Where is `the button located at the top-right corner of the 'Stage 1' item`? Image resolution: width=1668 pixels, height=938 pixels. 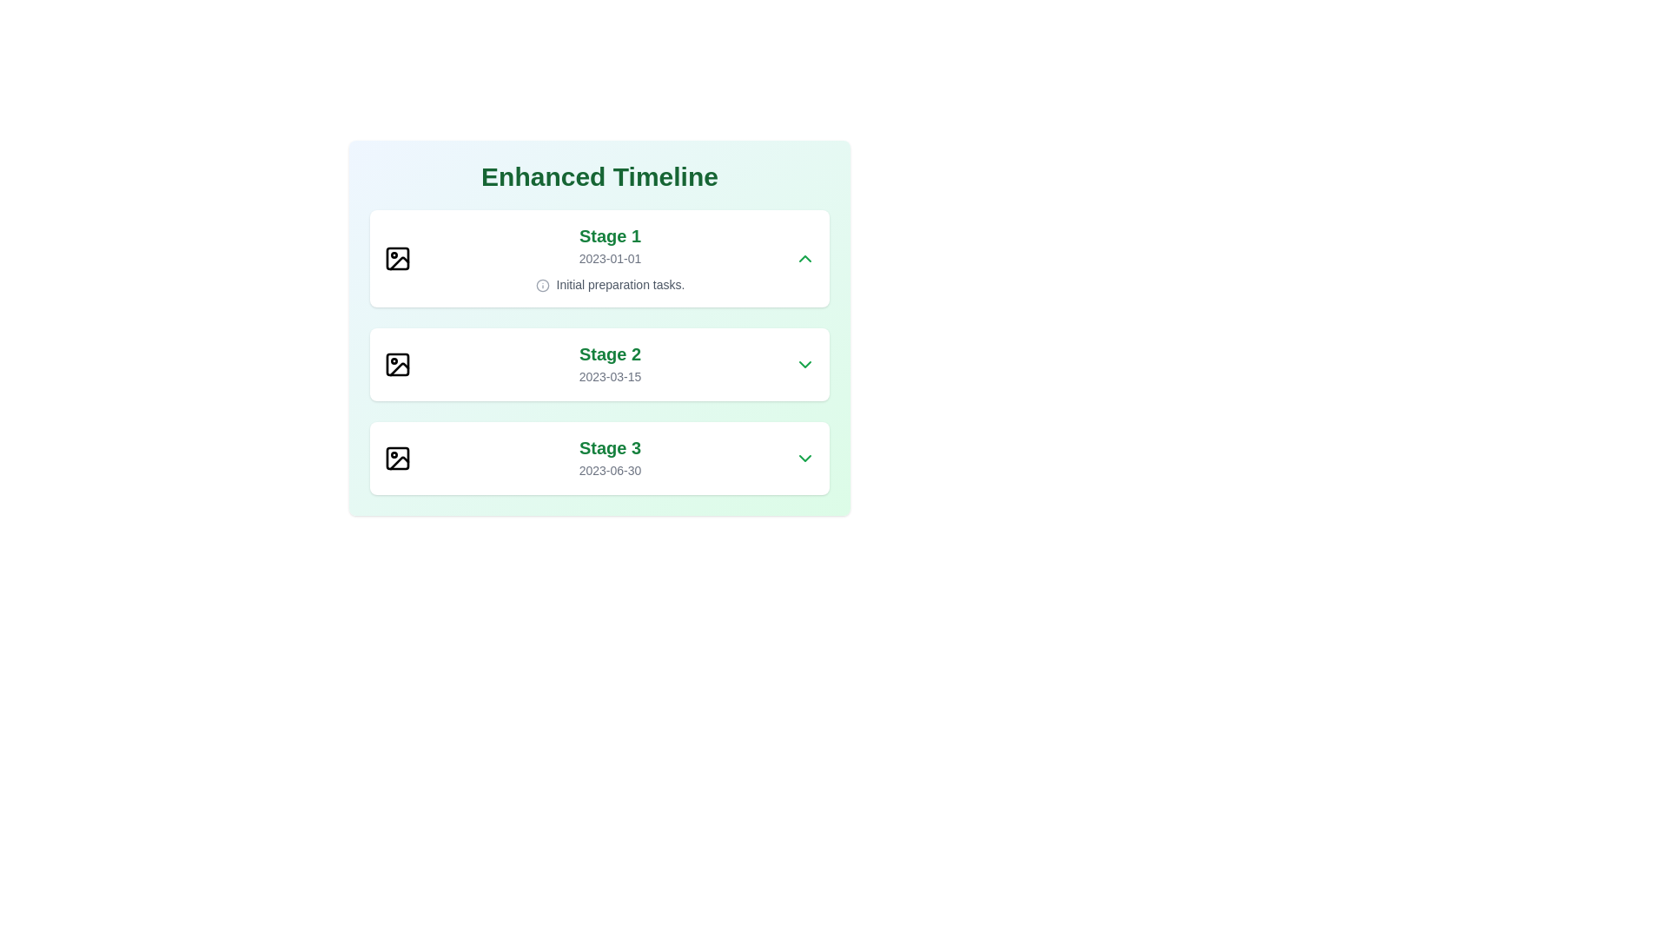 the button located at the top-right corner of the 'Stage 1' item is located at coordinates (804, 258).